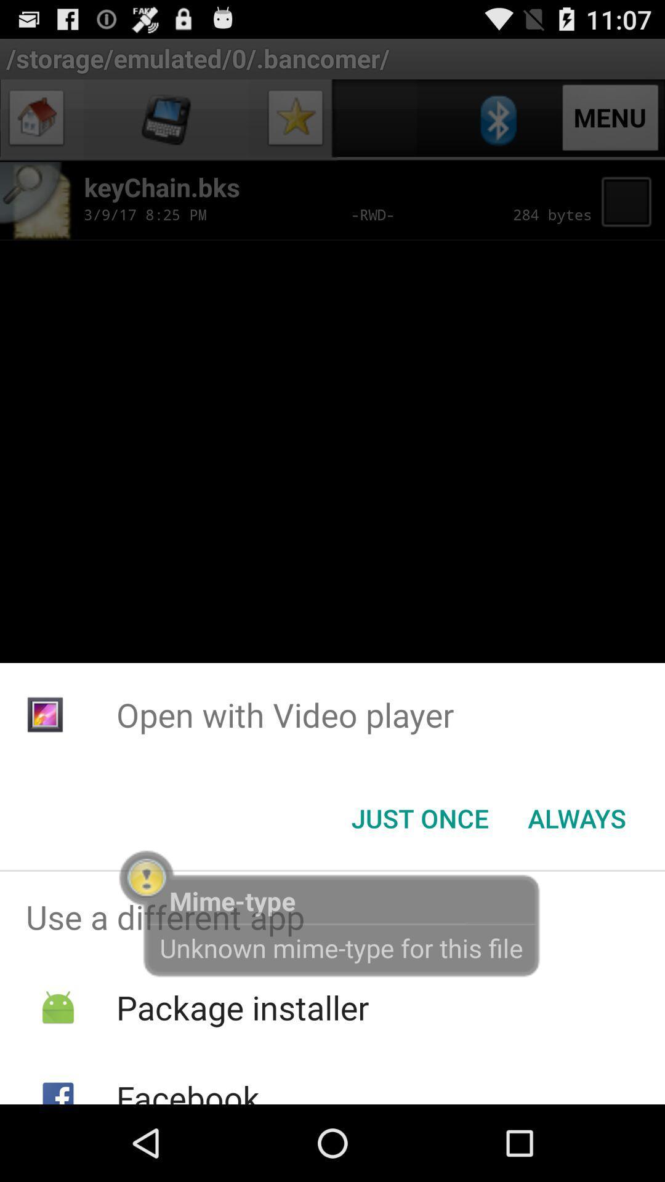 Image resolution: width=665 pixels, height=1182 pixels. Describe the element at coordinates (577, 818) in the screenshot. I see `the item to the right of the just once icon` at that location.